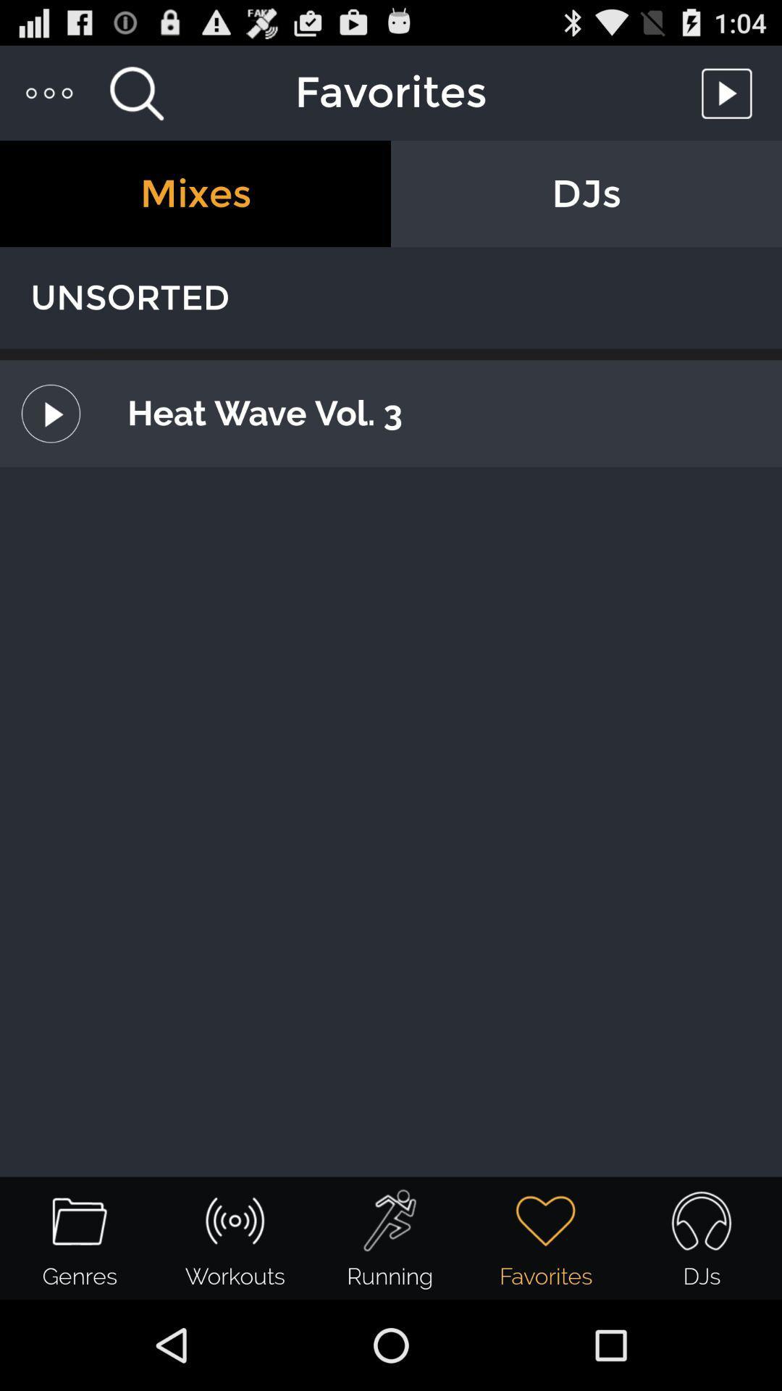 Image resolution: width=782 pixels, height=1391 pixels. I want to click on play icon, so click(731, 92).